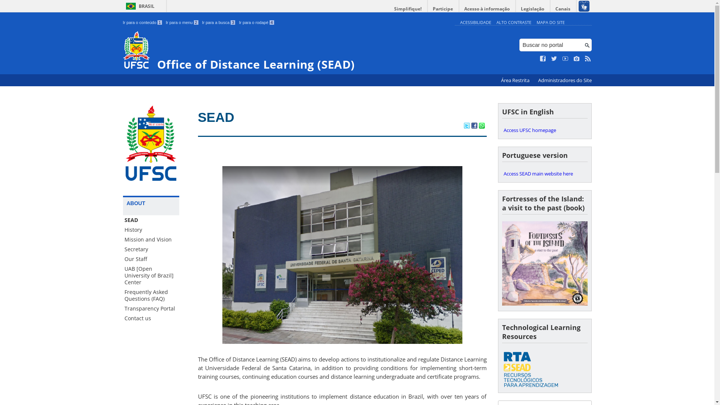 The width and height of the screenshot is (720, 405). I want to click on 'Secretary', so click(151, 249).